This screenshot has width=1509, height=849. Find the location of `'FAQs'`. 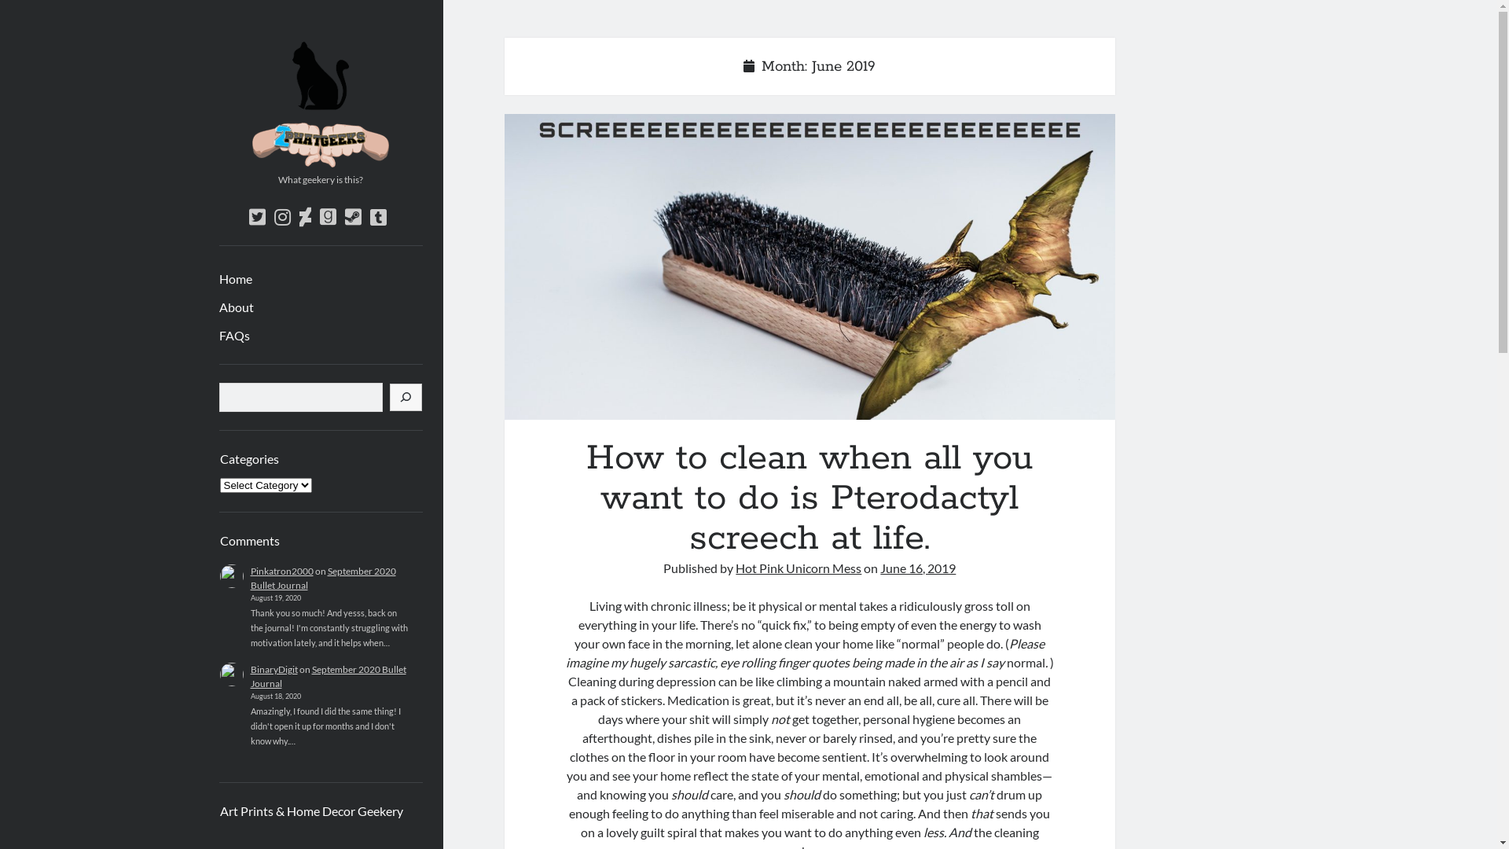

'FAQs' is located at coordinates (233, 335).